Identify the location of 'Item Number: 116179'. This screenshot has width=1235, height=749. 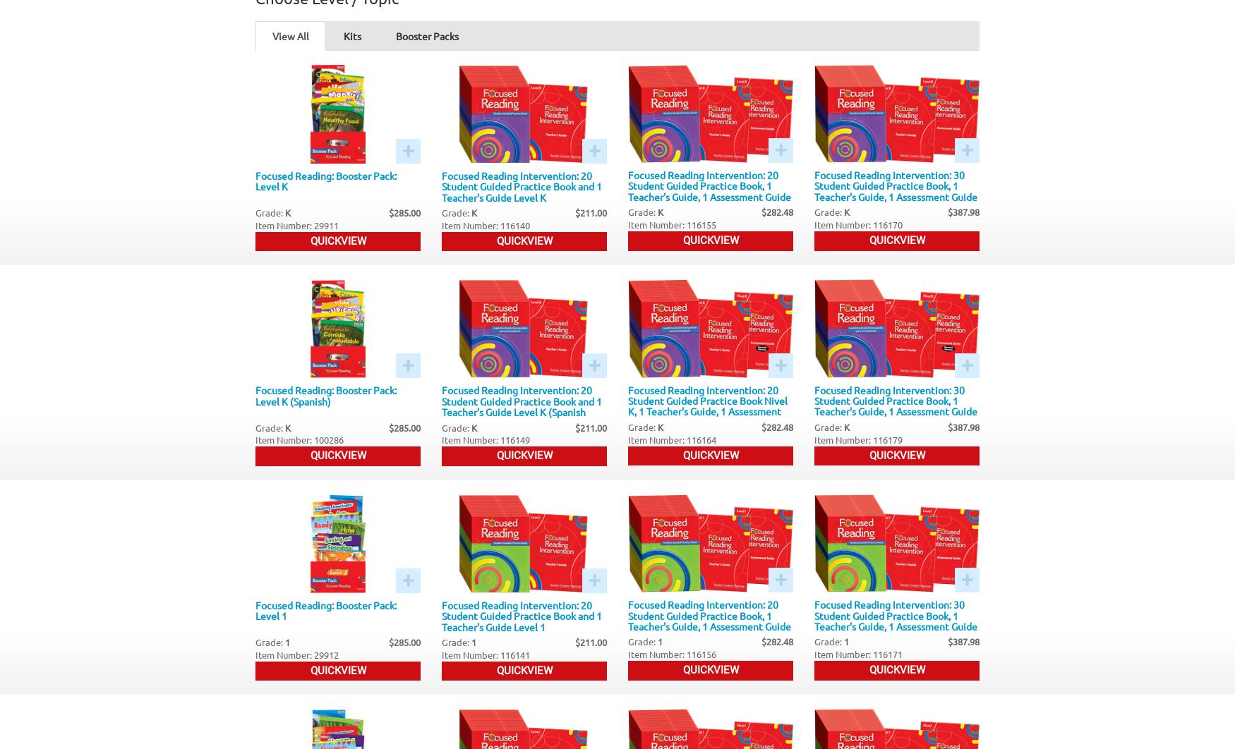
(858, 439).